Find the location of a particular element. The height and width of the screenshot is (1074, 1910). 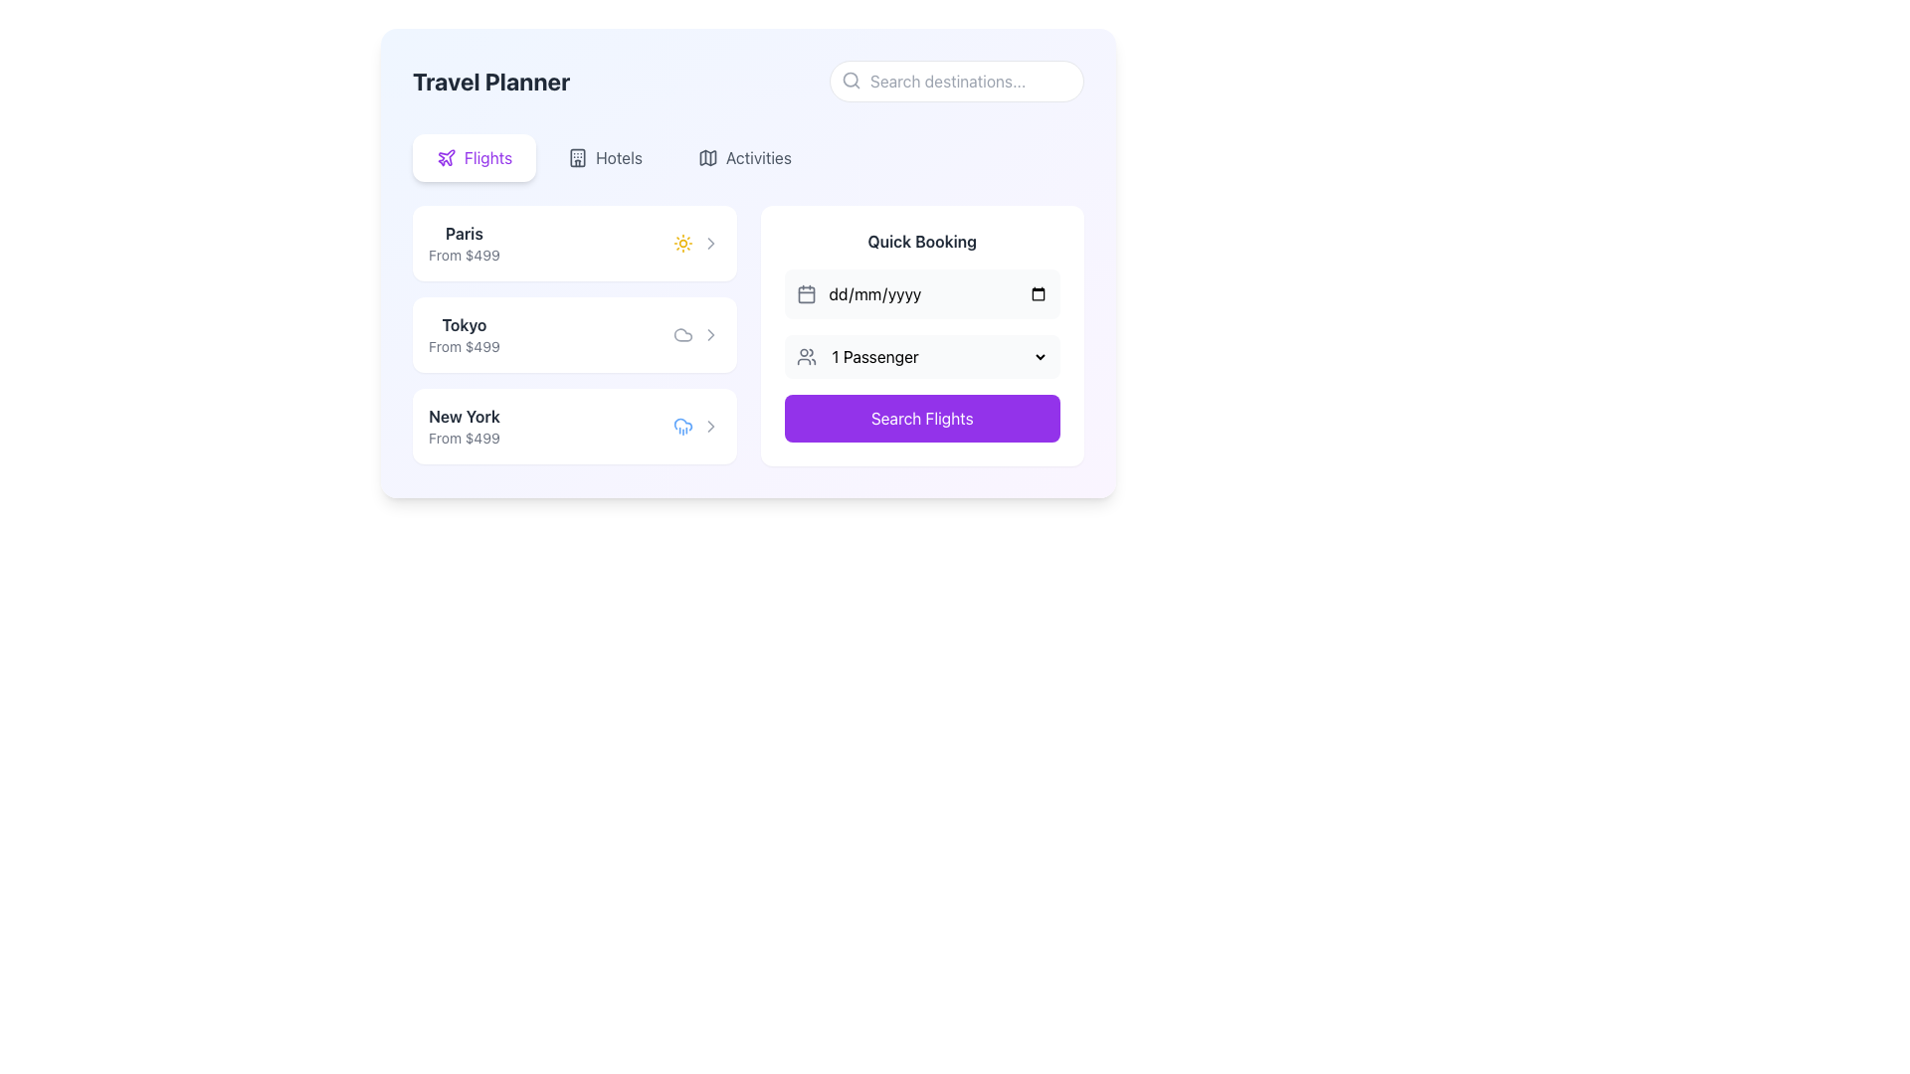

the Tokyo travel destination card, which is the second card in a vertically-stacked list of travel options is located at coordinates (573, 333).